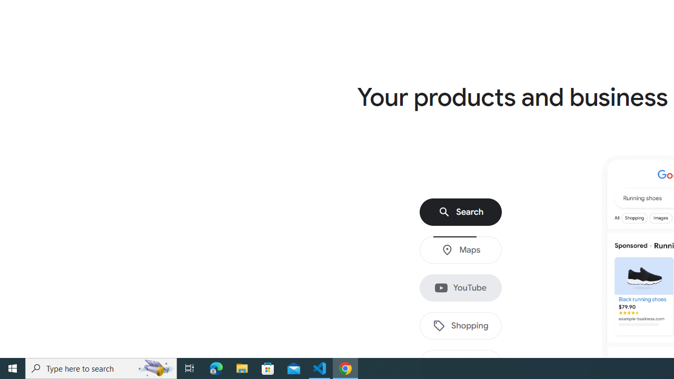 The height and width of the screenshot is (379, 674). Describe the element at coordinates (268, 367) in the screenshot. I see `'Microsoft Store'` at that location.